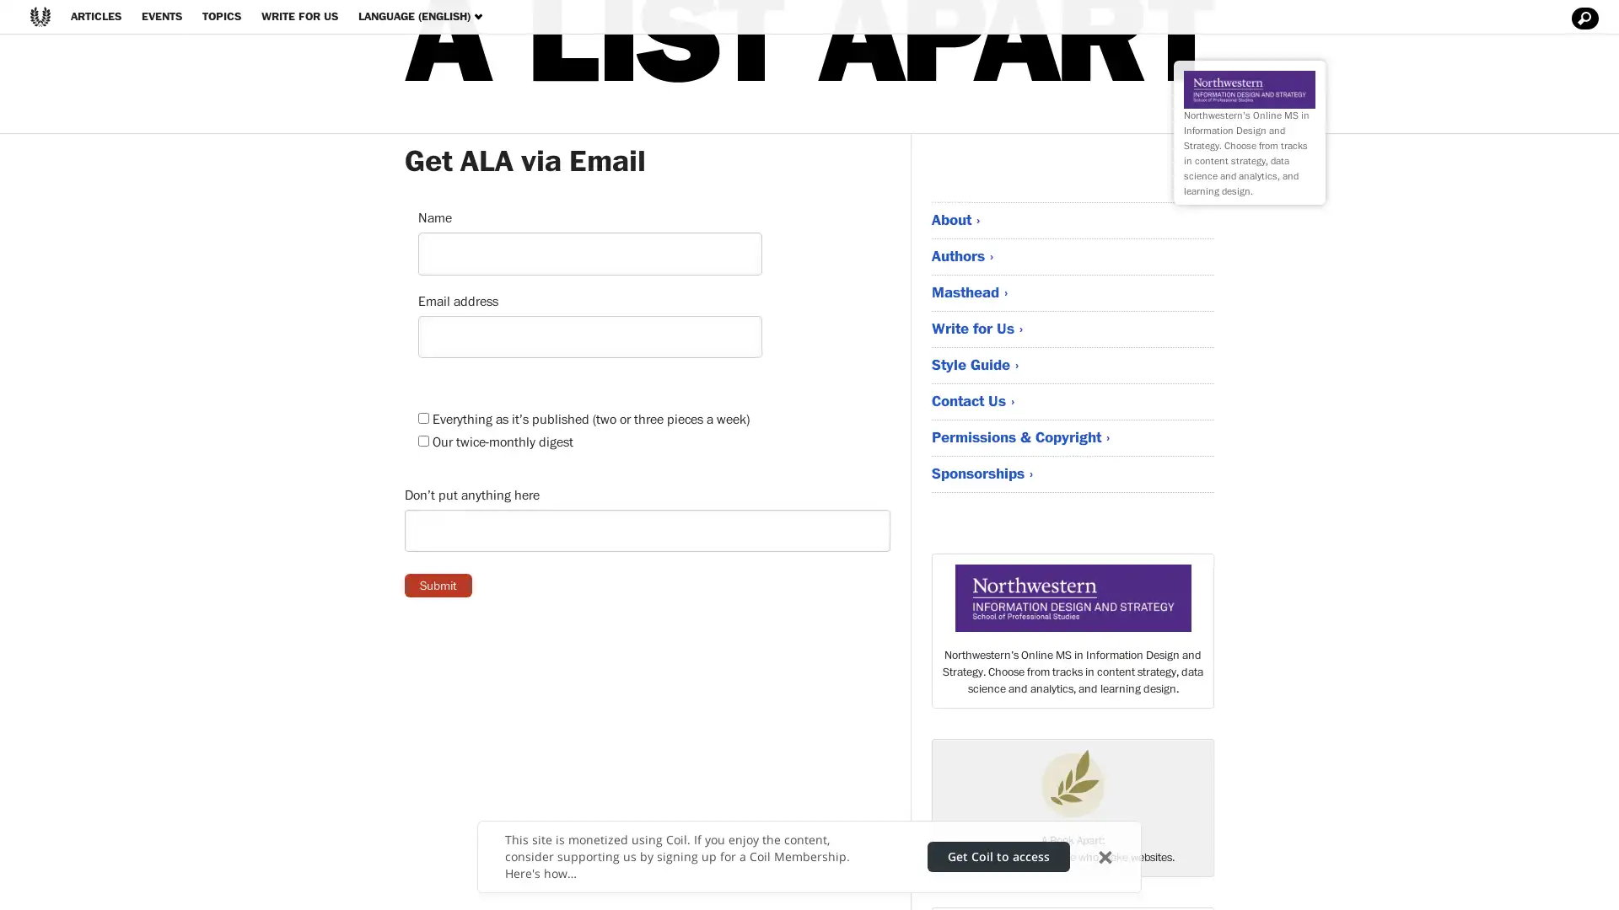 The height and width of the screenshot is (910, 1619). What do you see at coordinates (1582, 19) in the screenshot?
I see `Search` at bounding box center [1582, 19].